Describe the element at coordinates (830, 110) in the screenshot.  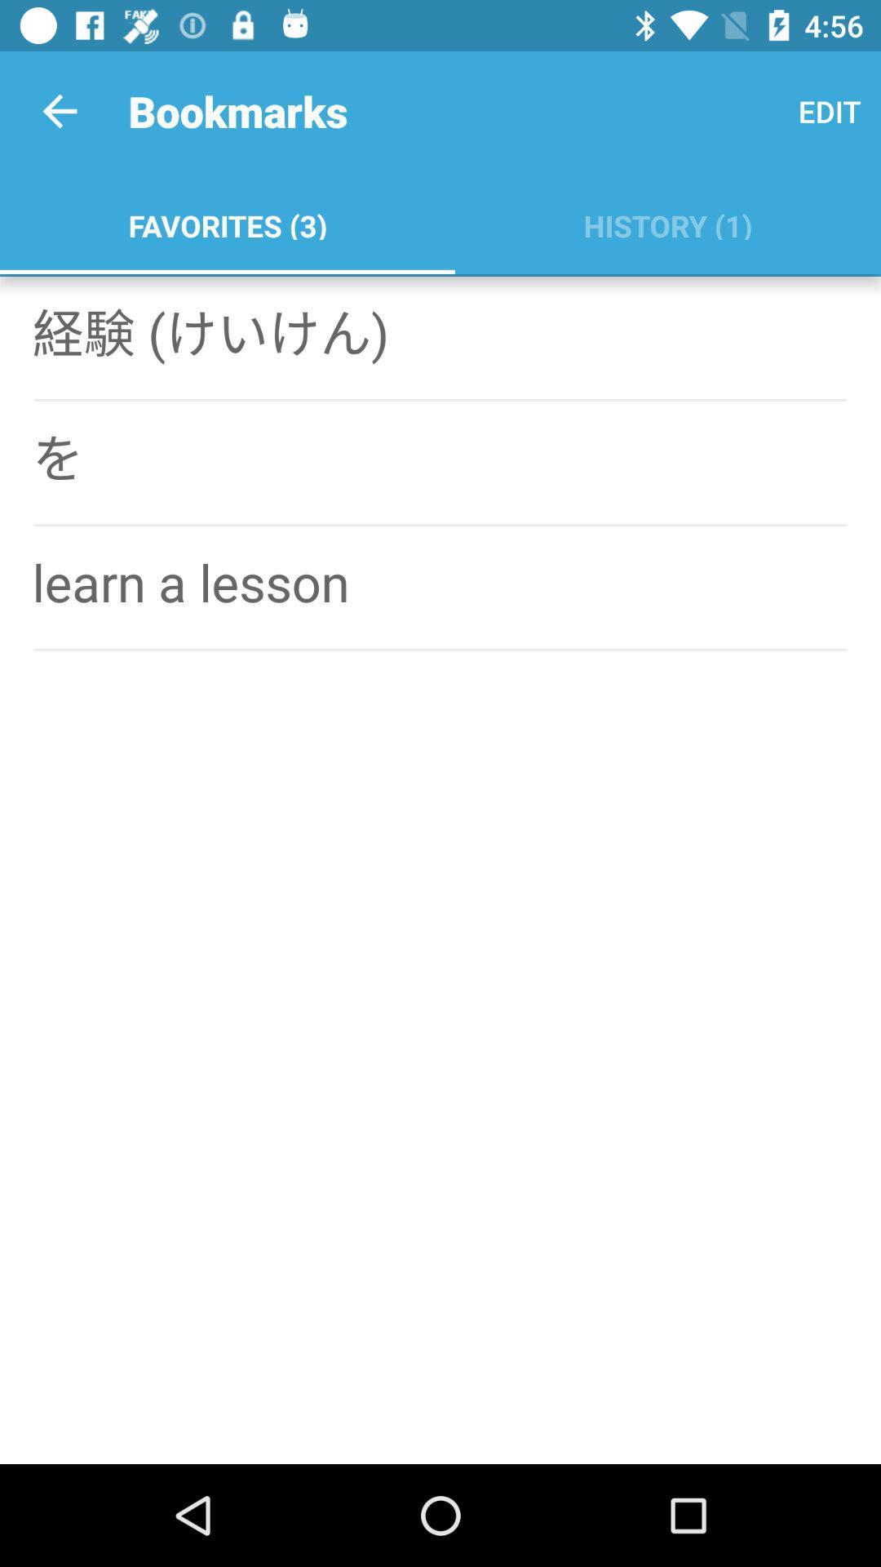
I see `the item next to the favorites (3) item` at that location.